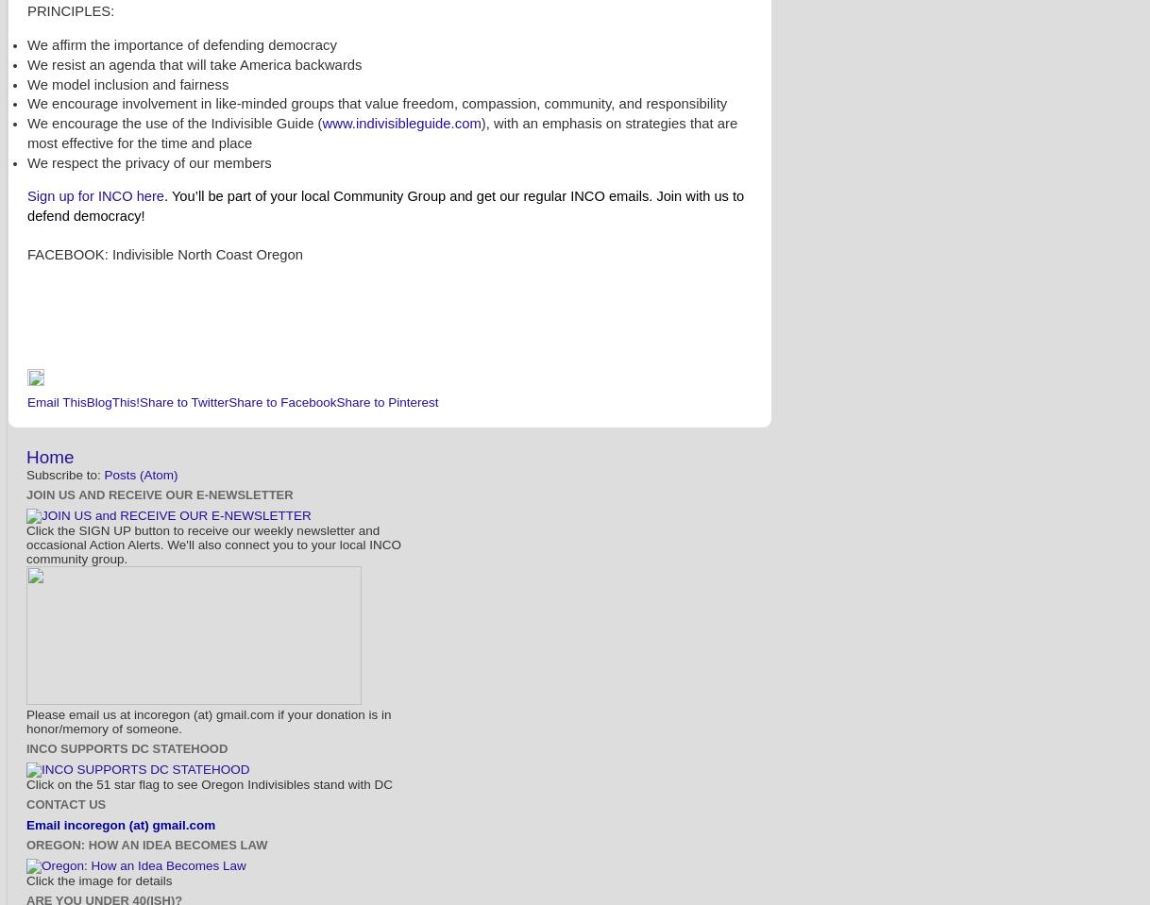 The width and height of the screenshot is (1150, 905). I want to click on 'CONTACT US', so click(65, 803).